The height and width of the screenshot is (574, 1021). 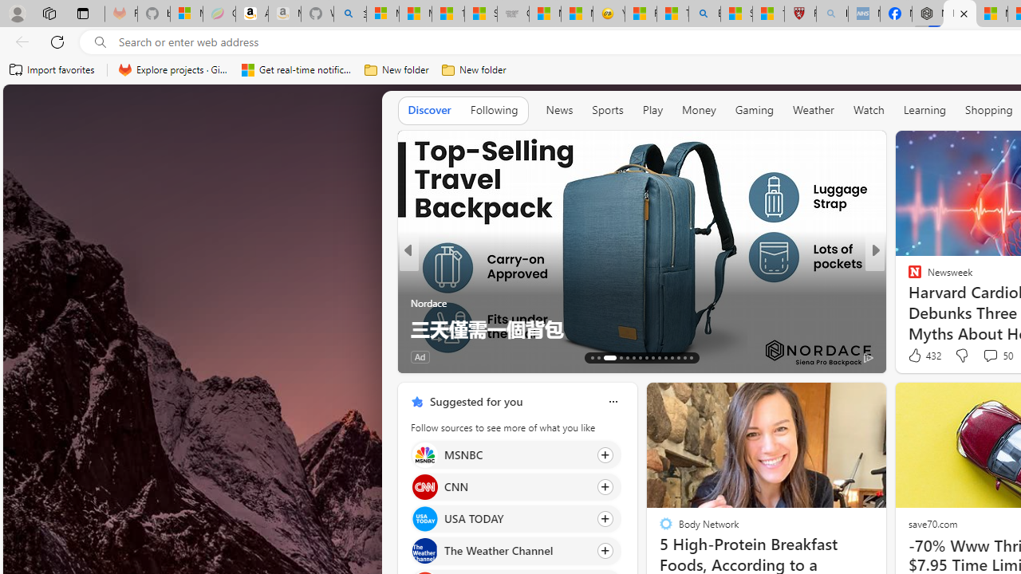 What do you see at coordinates (592, 356) in the screenshot?
I see `'AutomationID: tab-66'` at bounding box center [592, 356].